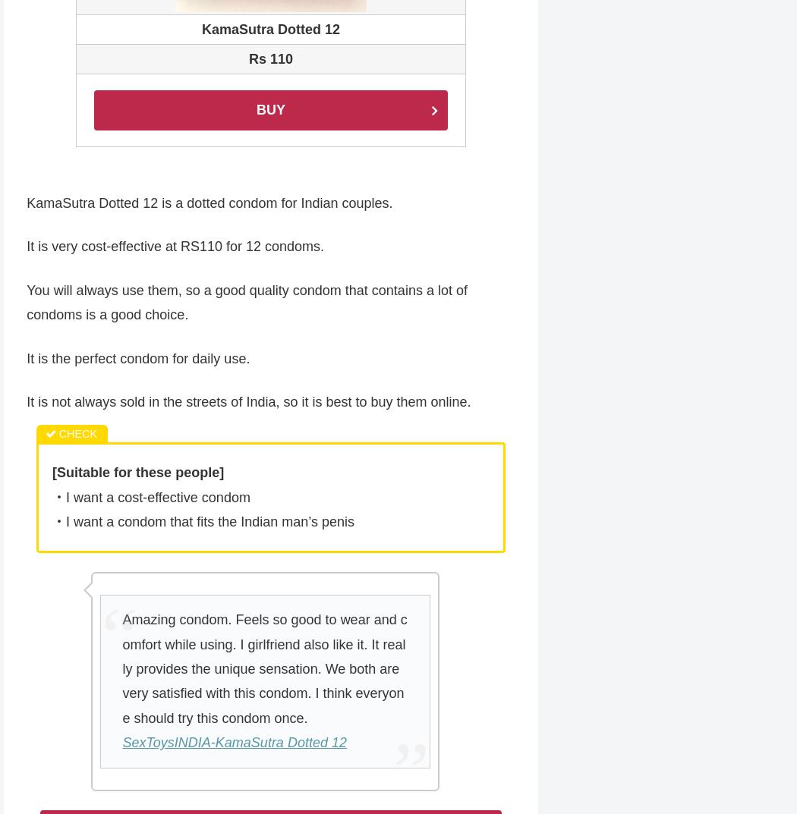  Describe the element at coordinates (269, 30) in the screenshot. I see `'KamaSutra Dotted 12'` at that location.